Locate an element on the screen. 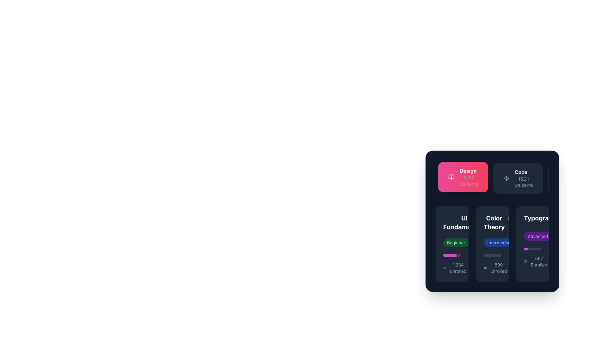 The image size is (607, 341). the 'Color Theory' card is located at coordinates (492, 221).